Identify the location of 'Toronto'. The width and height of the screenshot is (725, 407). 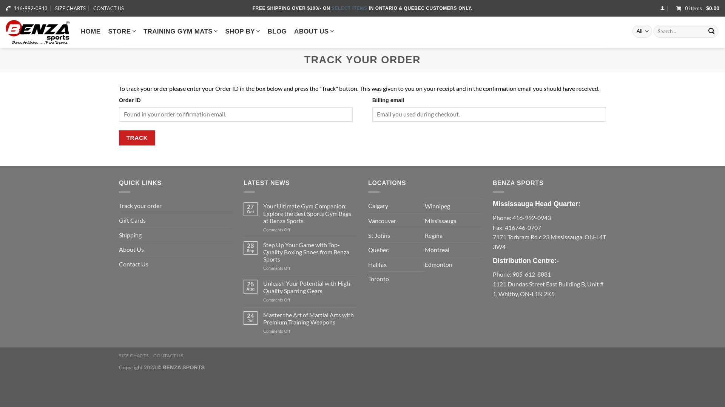
(368, 279).